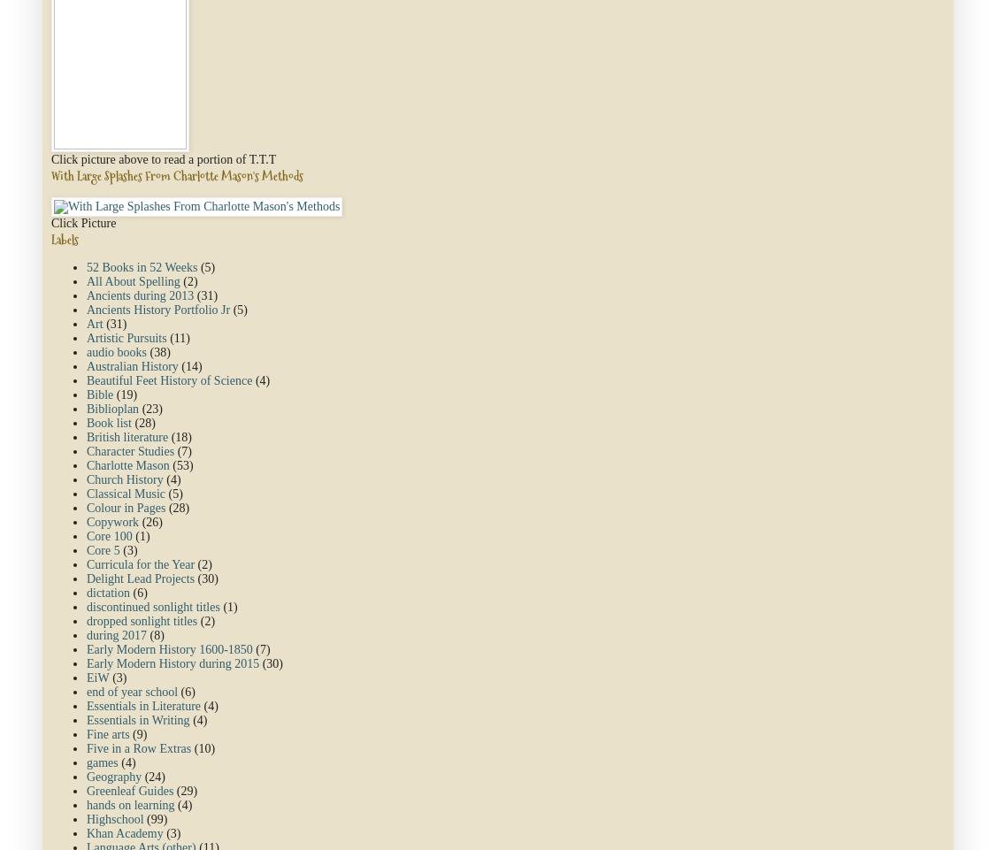  What do you see at coordinates (87, 479) in the screenshot?
I see `'Church History'` at bounding box center [87, 479].